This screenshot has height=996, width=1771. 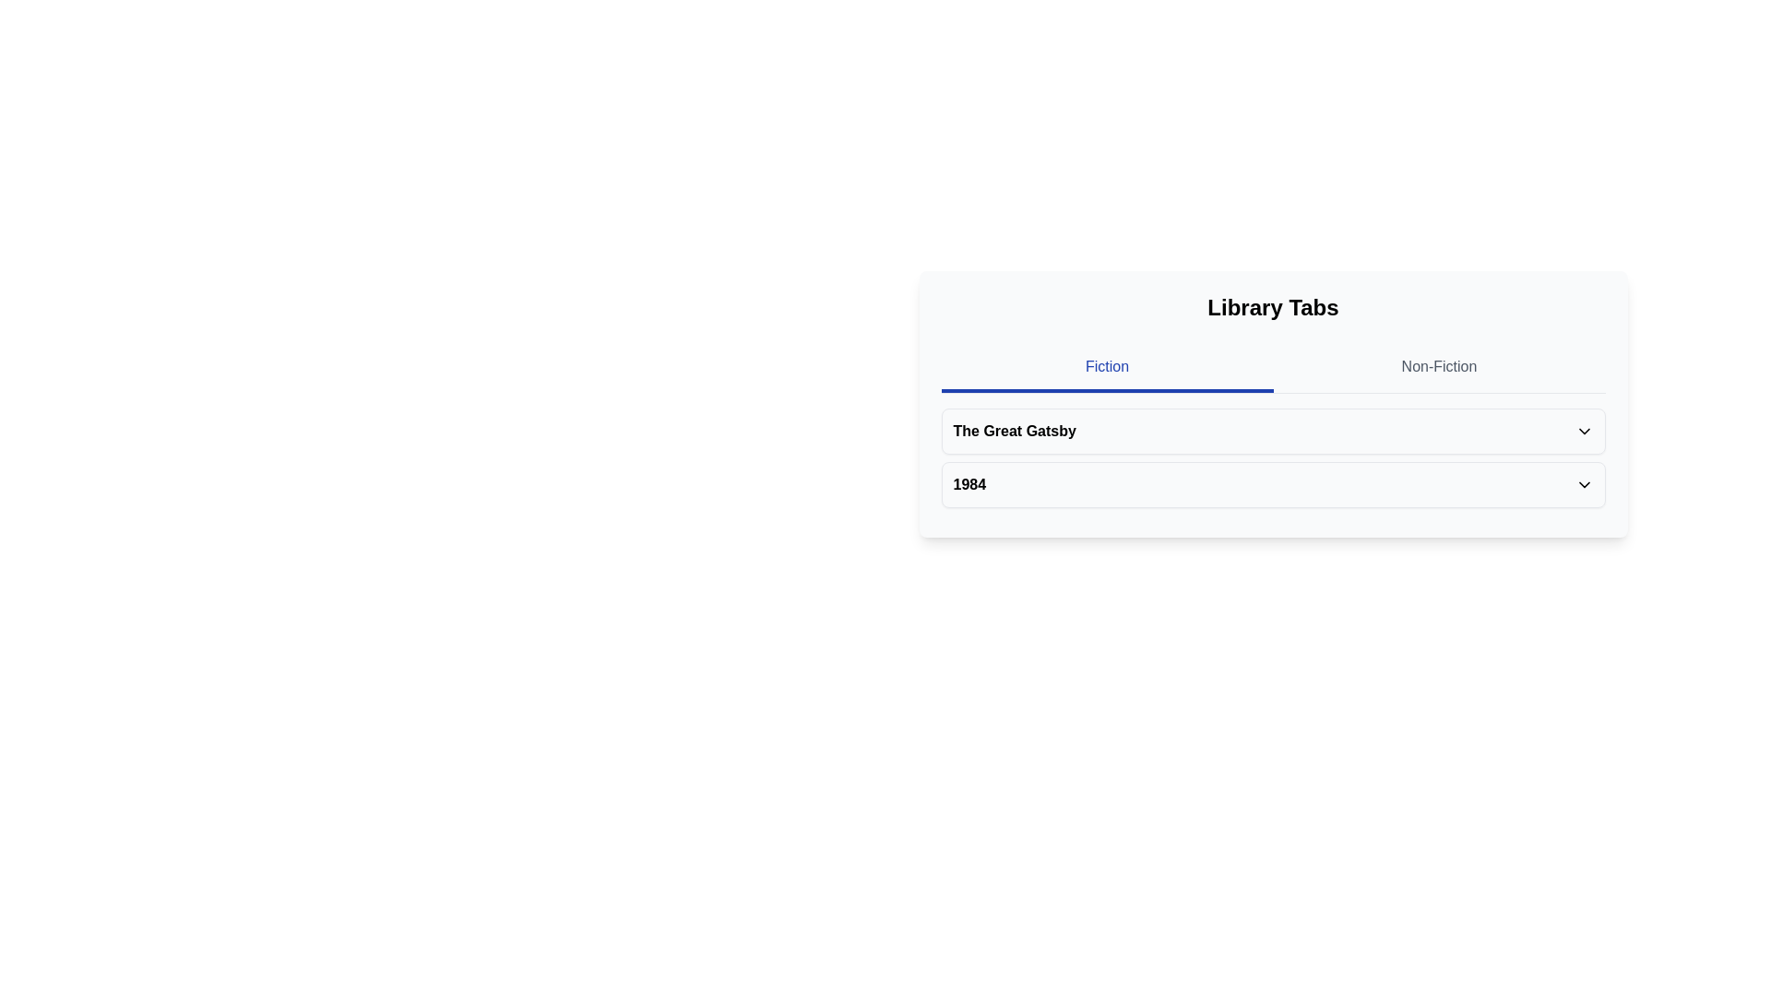 What do you see at coordinates (1272, 431) in the screenshot?
I see `the dropdown labeled 'The Great Gatsby'` at bounding box center [1272, 431].